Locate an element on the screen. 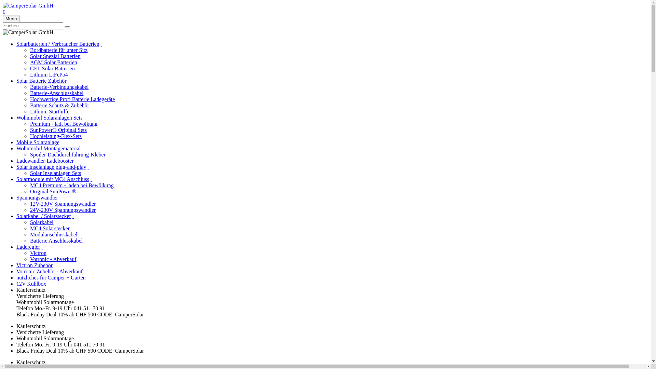  '12V-230V Spannungswandler' is located at coordinates (63, 203).